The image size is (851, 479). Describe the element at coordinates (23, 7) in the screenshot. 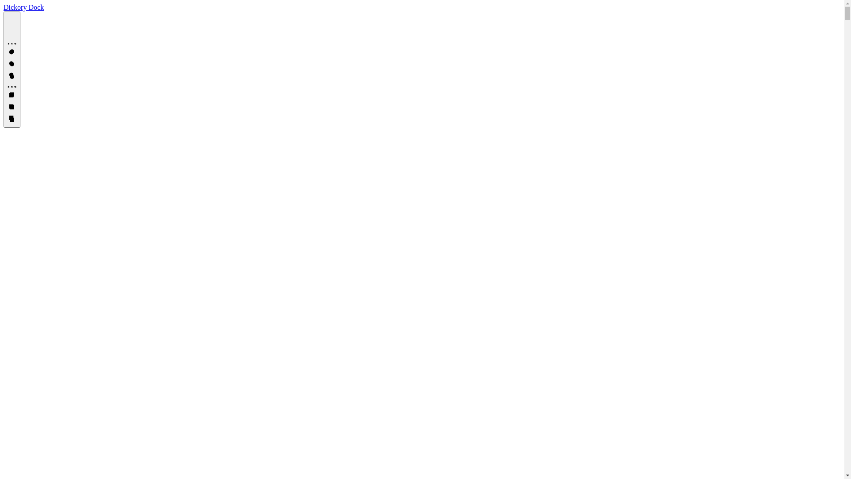

I see `'Dickory Dock'` at that location.